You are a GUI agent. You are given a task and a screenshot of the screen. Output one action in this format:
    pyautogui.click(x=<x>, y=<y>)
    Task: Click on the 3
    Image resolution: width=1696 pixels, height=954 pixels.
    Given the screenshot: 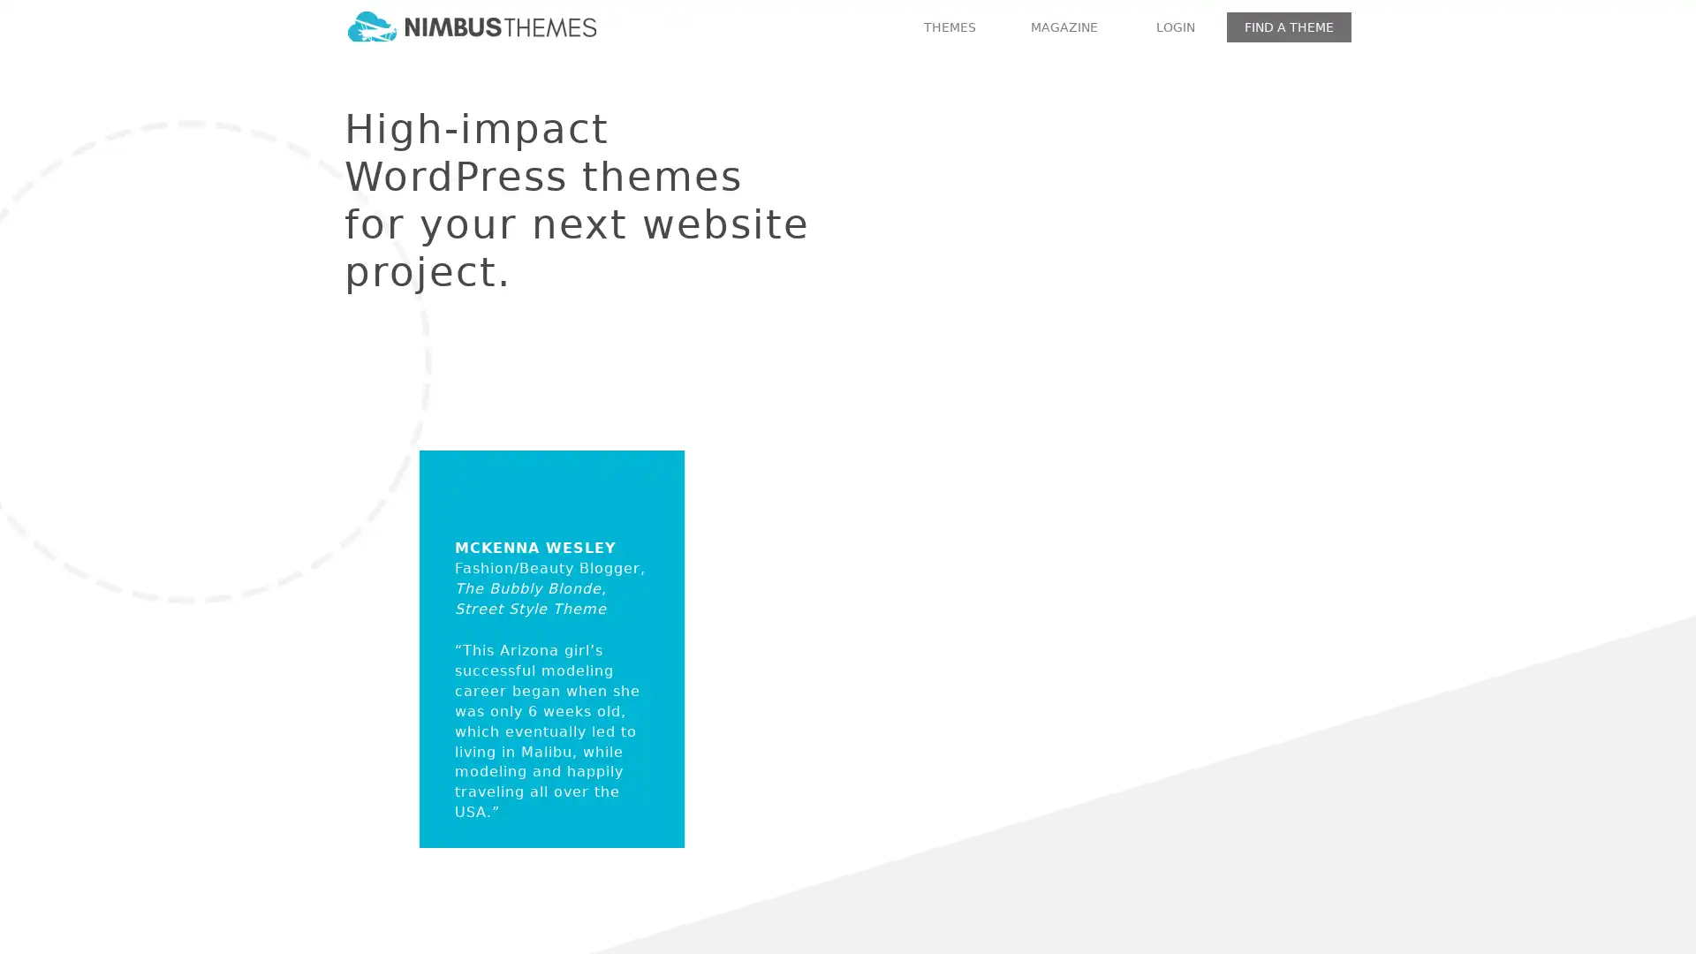 What is the action you would take?
    pyautogui.click(x=1064, y=612)
    